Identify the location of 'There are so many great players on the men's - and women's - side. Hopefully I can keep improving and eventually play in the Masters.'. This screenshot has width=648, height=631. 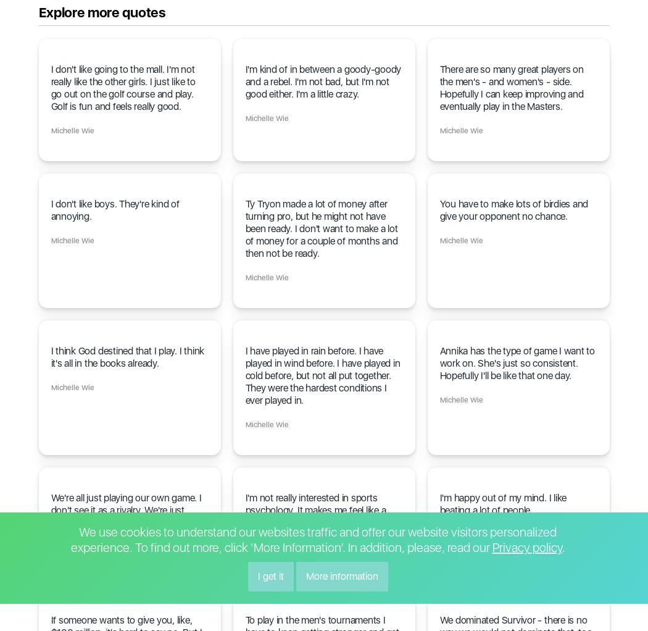
(511, 88).